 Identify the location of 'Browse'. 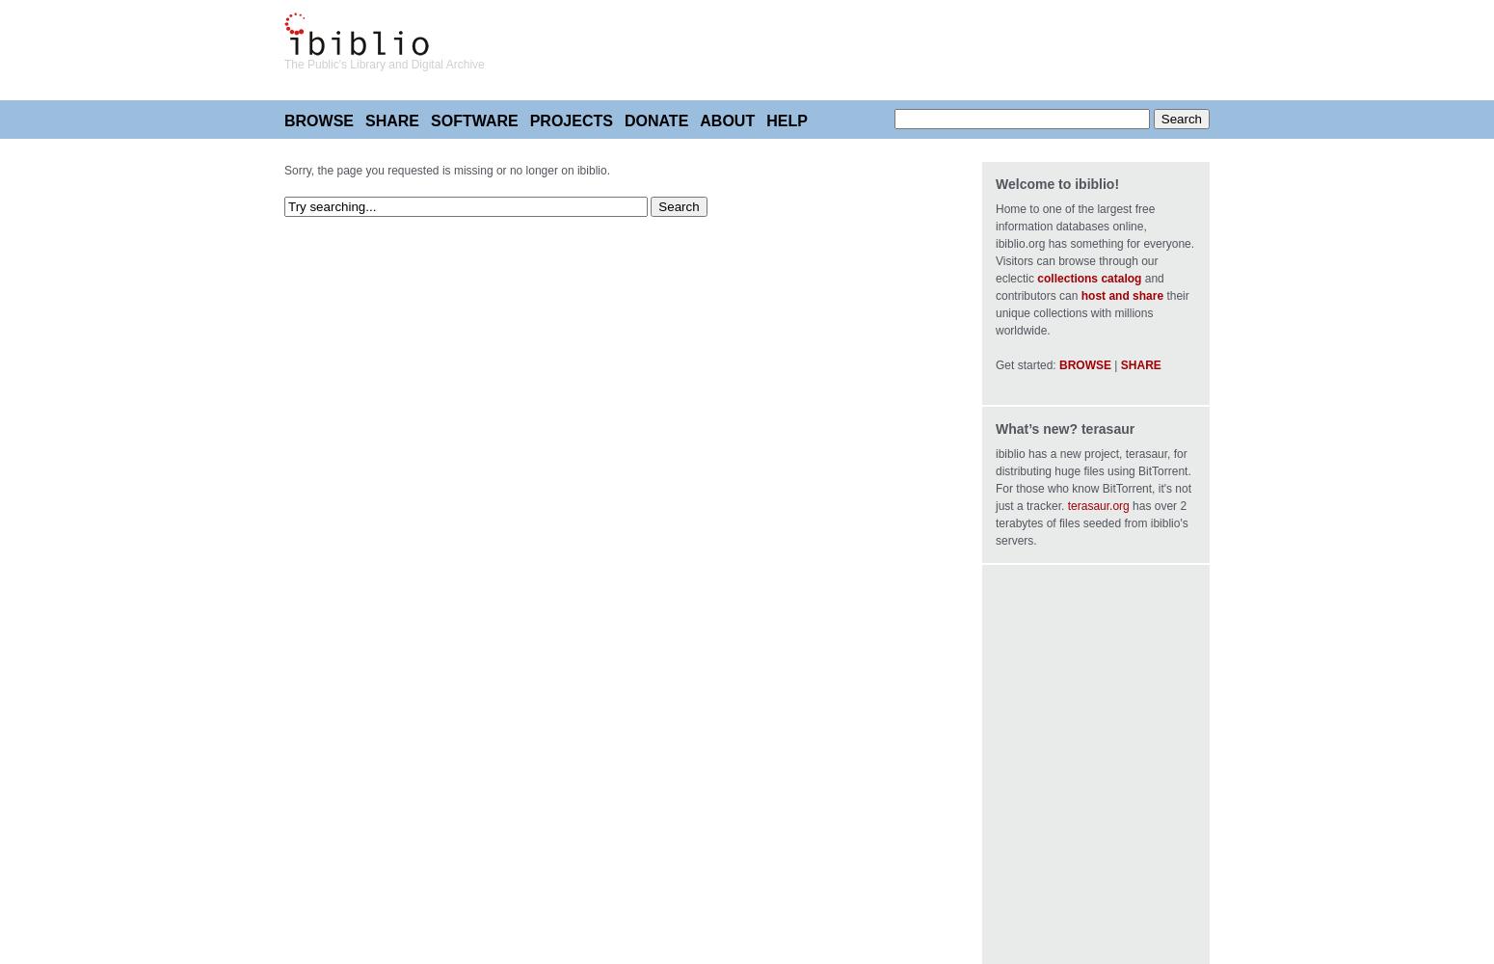
(317, 120).